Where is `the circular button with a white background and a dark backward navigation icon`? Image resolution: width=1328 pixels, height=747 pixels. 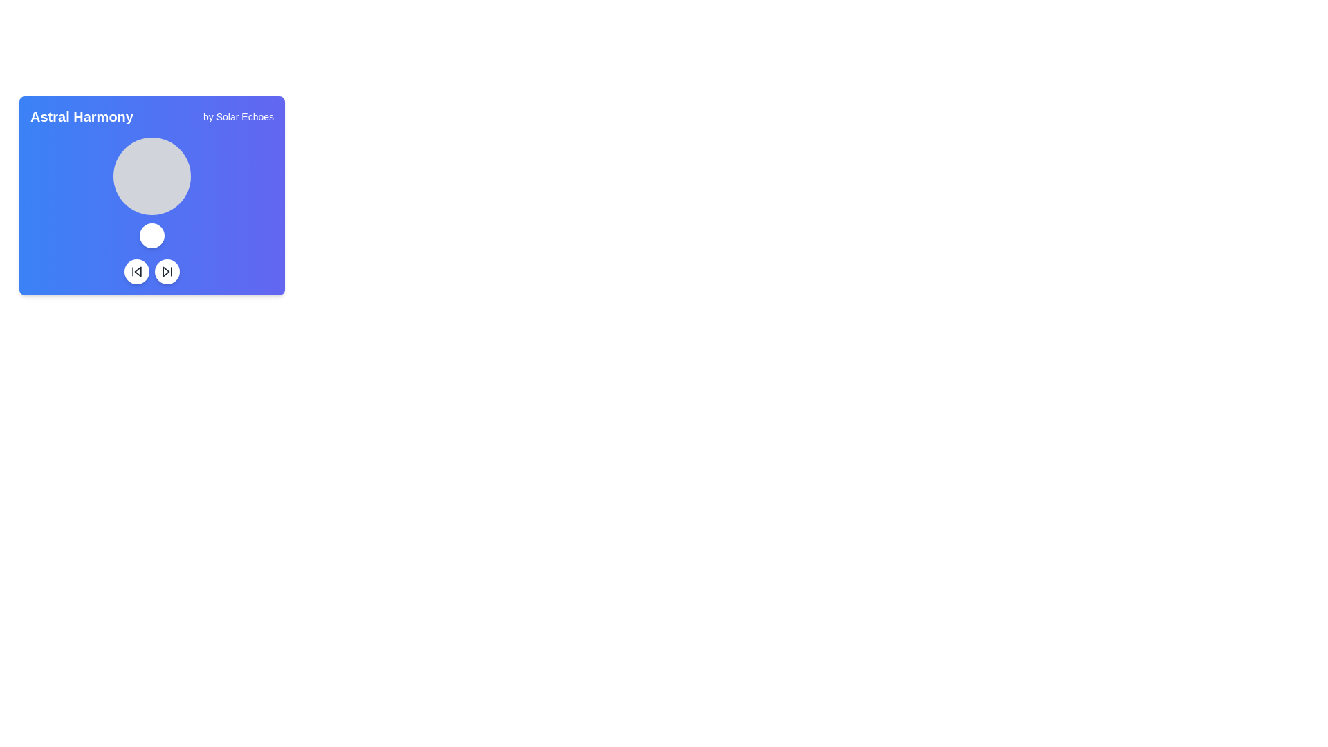
the circular button with a white background and a dark backward navigation icon is located at coordinates (136, 272).